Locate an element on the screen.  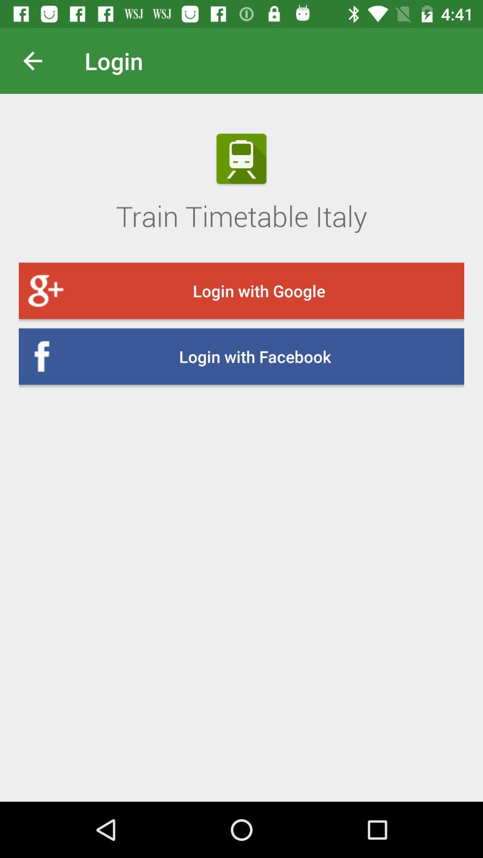
the icon above the train timetable italy icon is located at coordinates (39, 60).